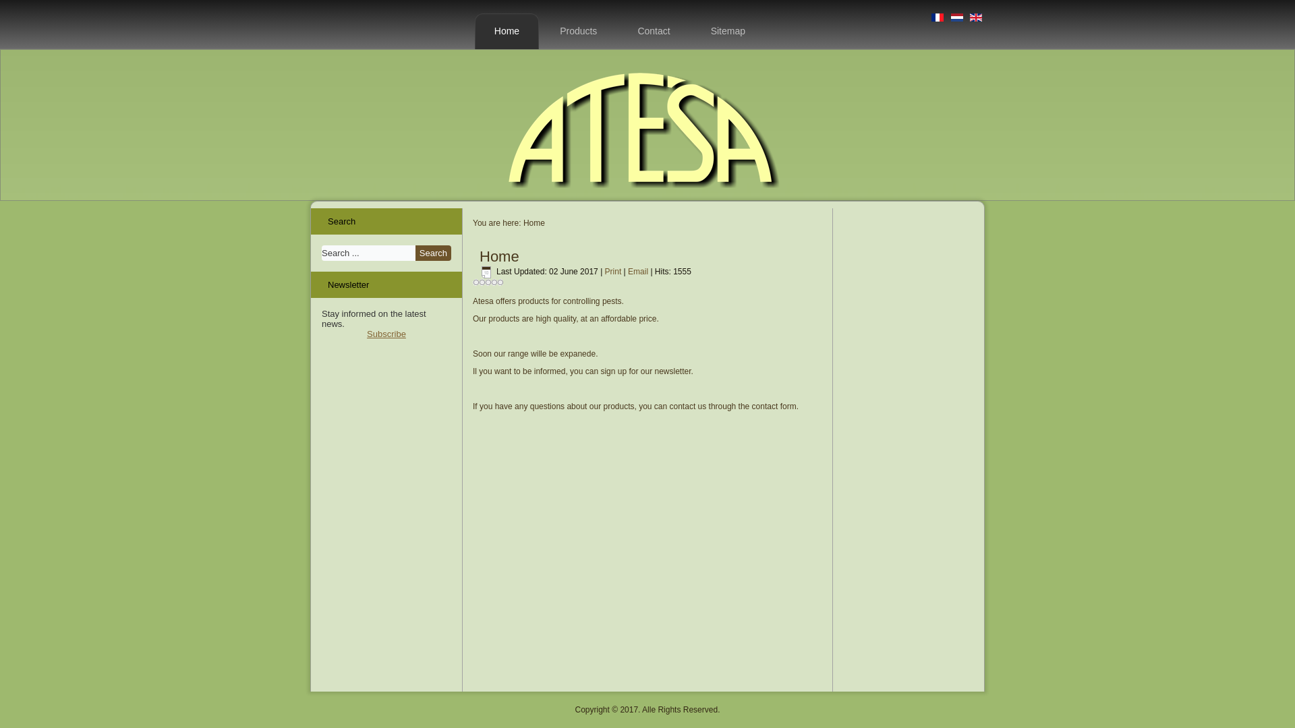  Describe the element at coordinates (614, 271) in the screenshot. I see `'Print'` at that location.